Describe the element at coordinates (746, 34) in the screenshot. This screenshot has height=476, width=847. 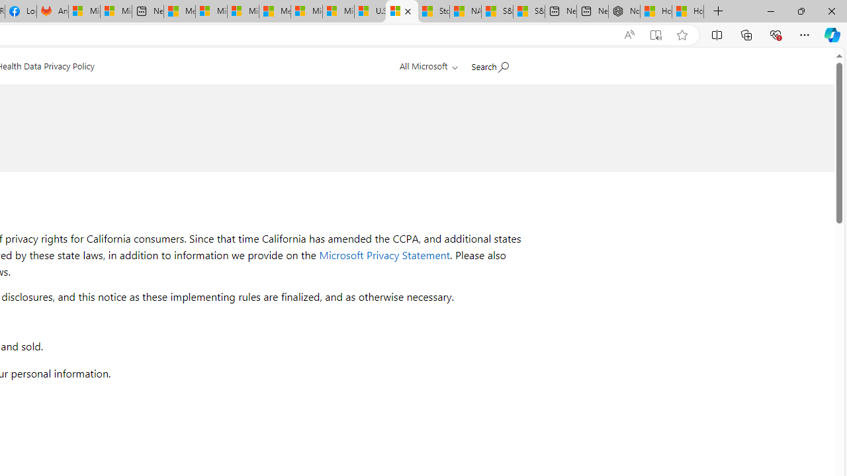
I see `'Collections'` at that location.